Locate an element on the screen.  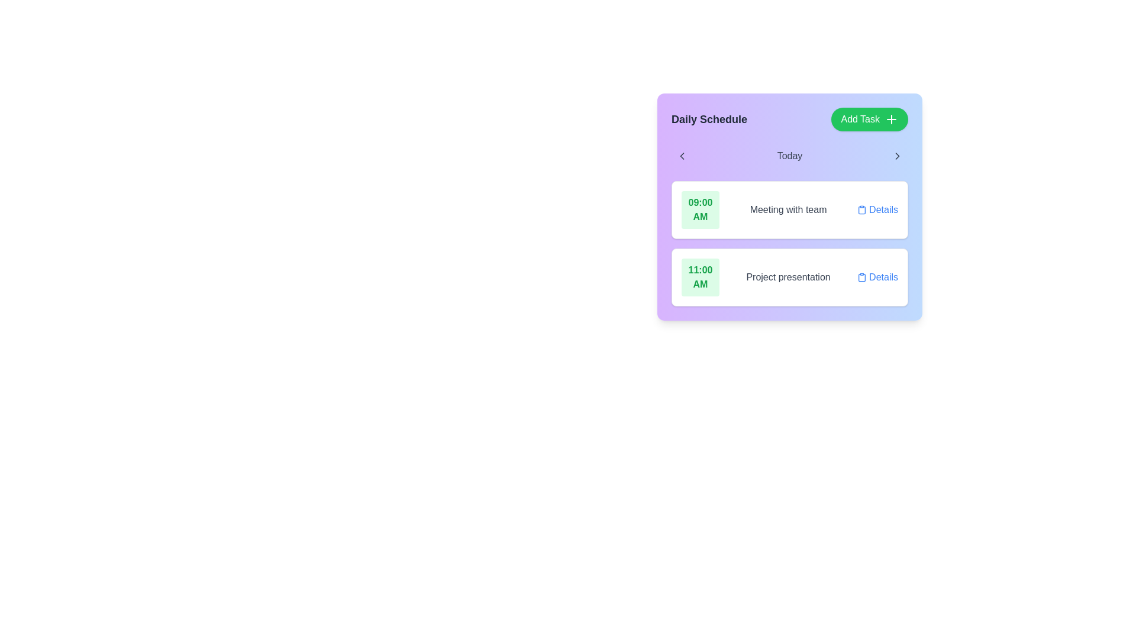
the rectangular button-like component displaying '09:00 AM' with a light green background and white text to interact with a related feature is located at coordinates (701, 209).